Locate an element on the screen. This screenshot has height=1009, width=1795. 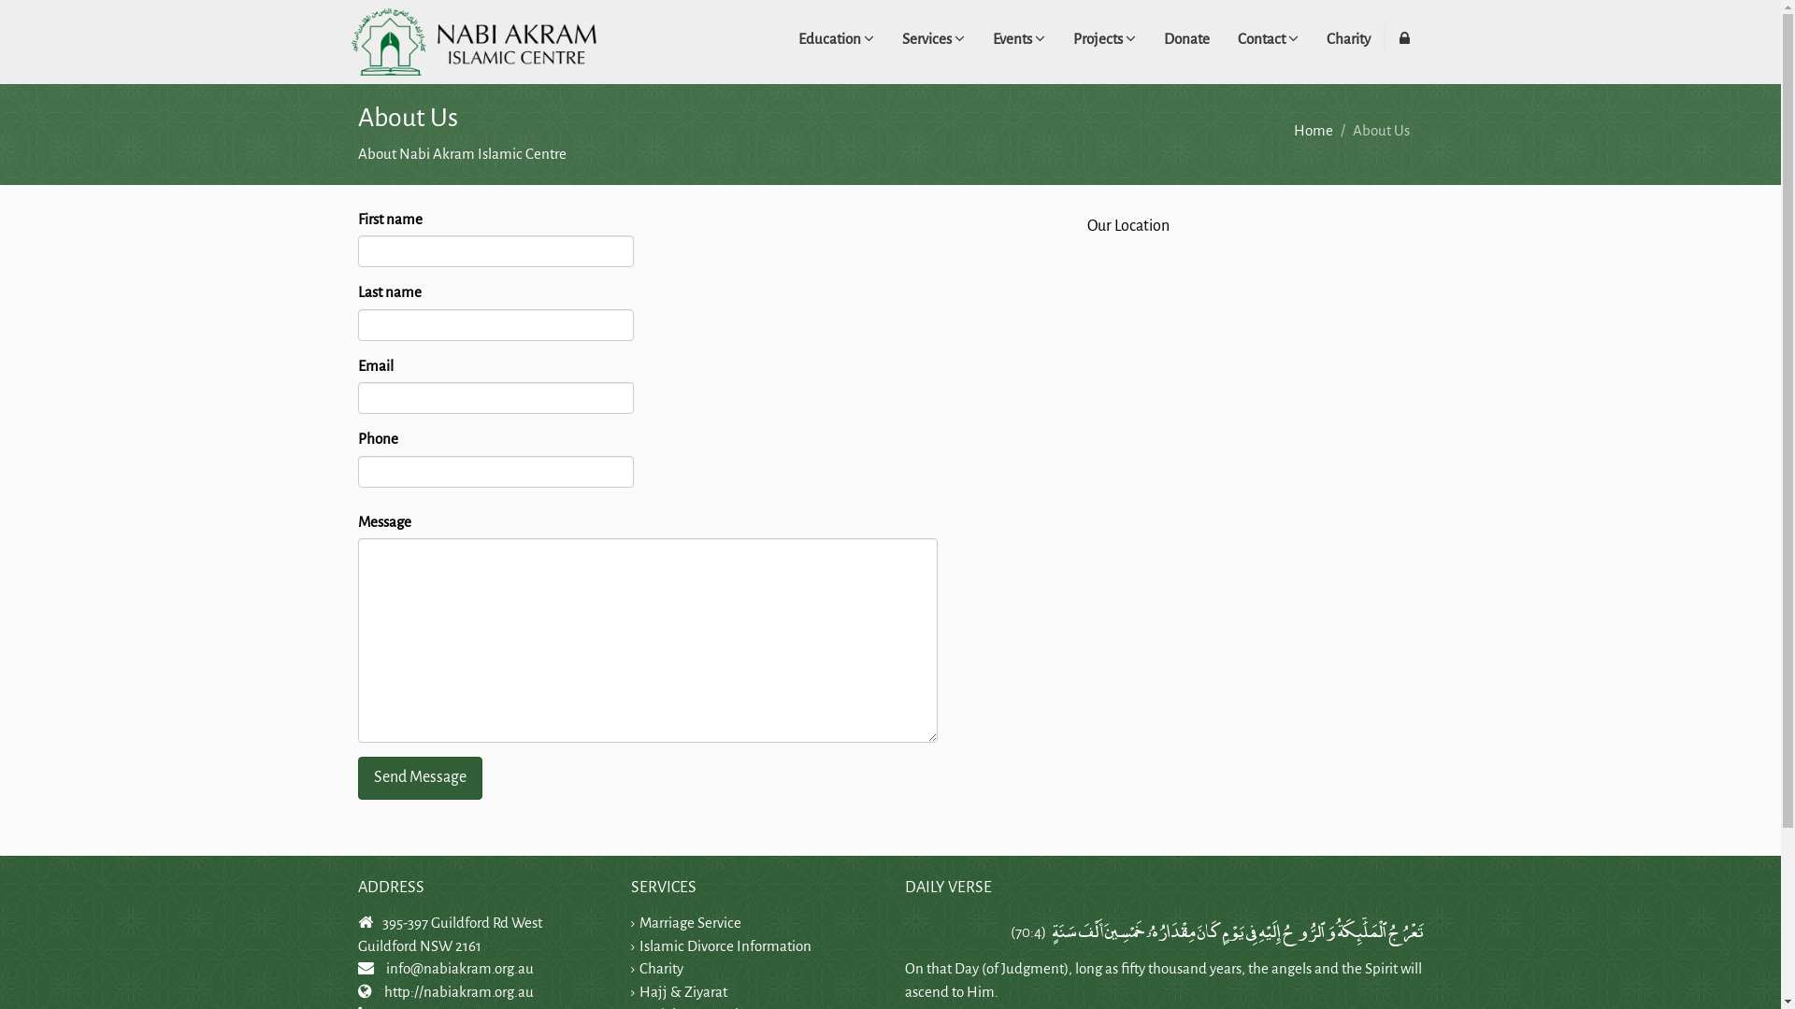
'Send Message' is located at coordinates (418, 778).